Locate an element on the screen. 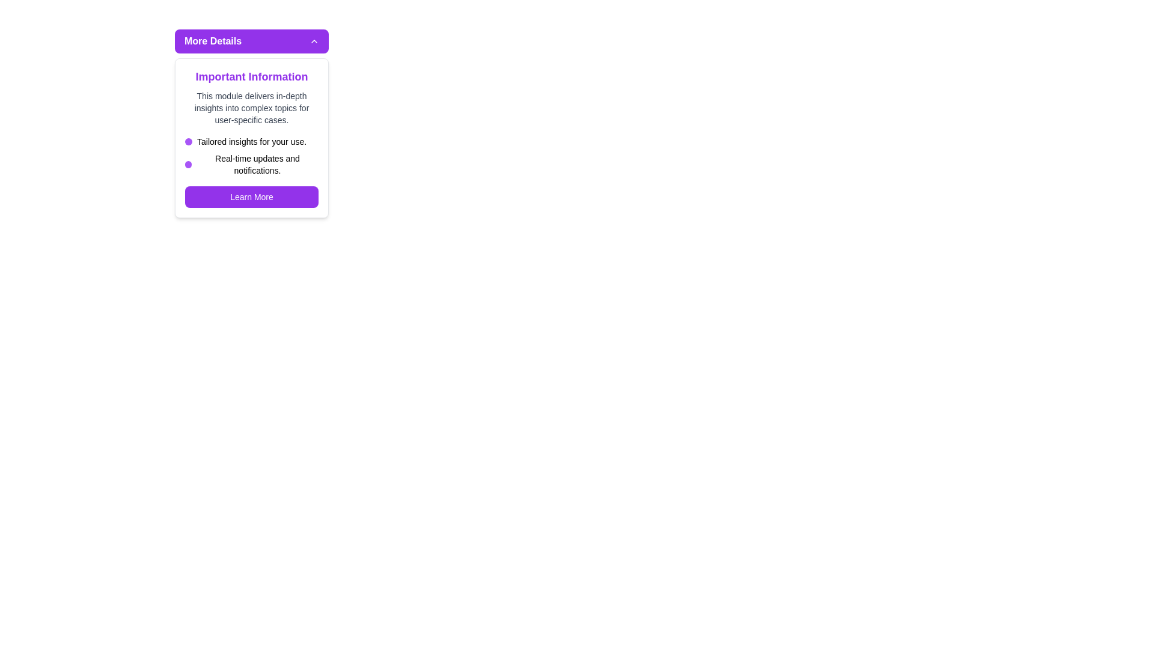 This screenshot has height=649, width=1154. the visual indicator dot located to the left of the text 'Tailored insights for your use.' is located at coordinates (188, 141).